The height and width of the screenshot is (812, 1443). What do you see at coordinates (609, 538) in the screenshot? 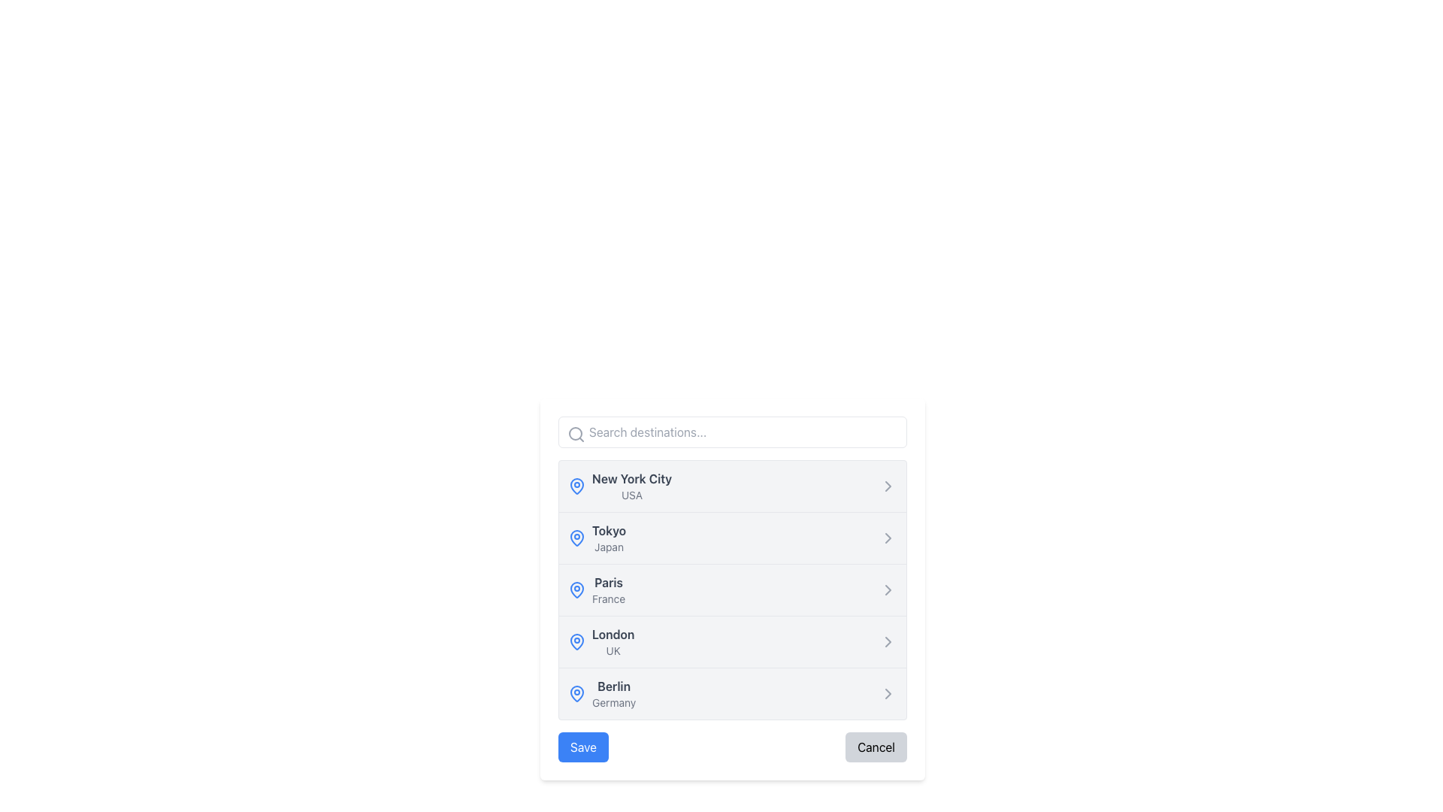
I see `the text label for 'Tokyo' which is the second item in a vertical list of destinations` at bounding box center [609, 538].